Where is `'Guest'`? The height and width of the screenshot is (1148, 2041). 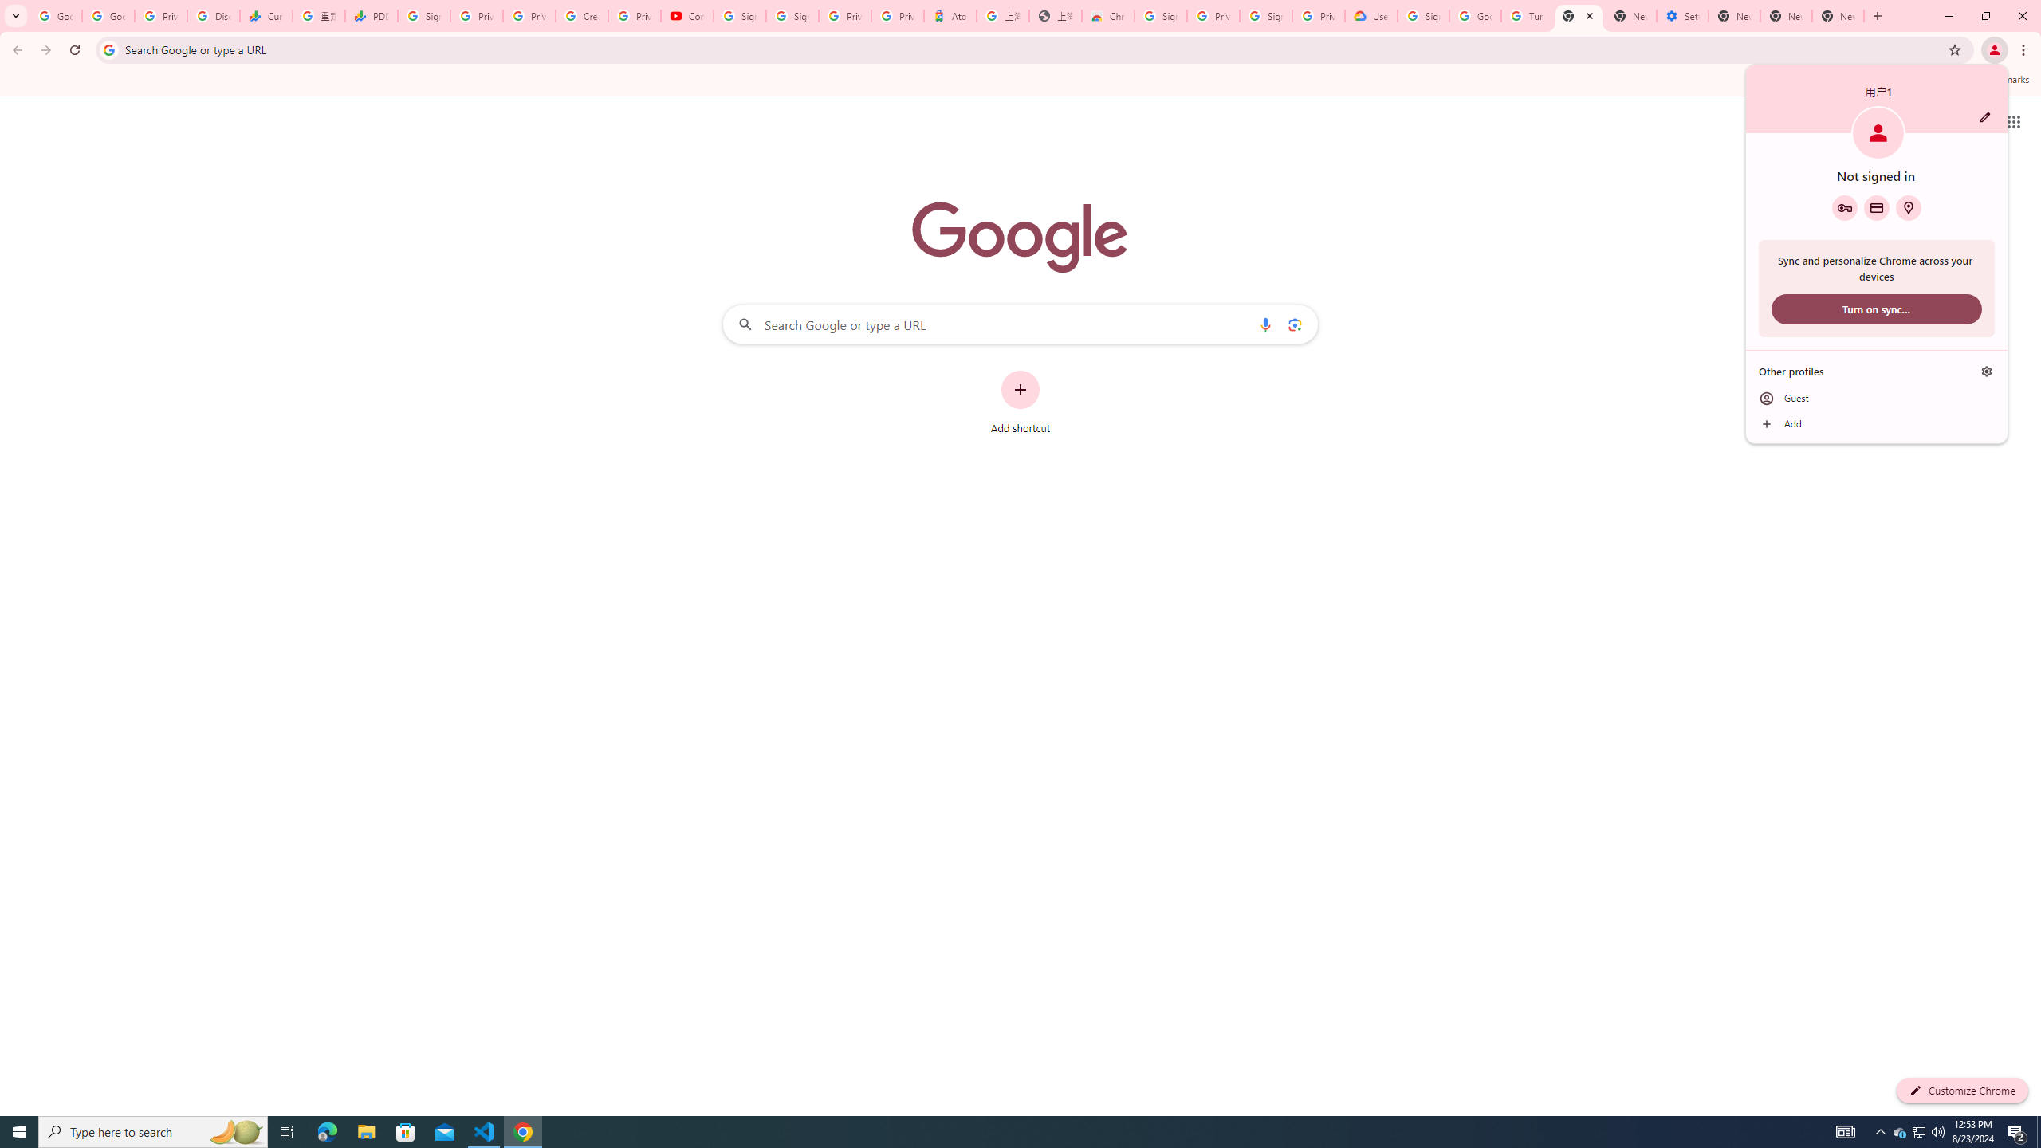 'Guest' is located at coordinates (1875, 397).